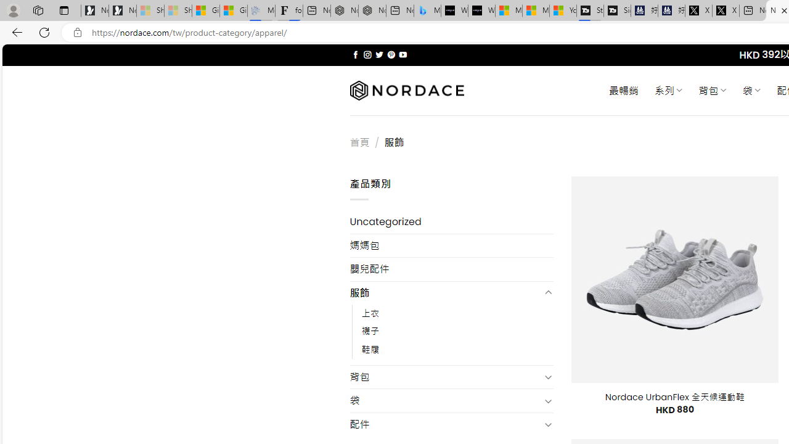  What do you see at coordinates (403, 54) in the screenshot?
I see `'Follow on YouTube'` at bounding box center [403, 54].